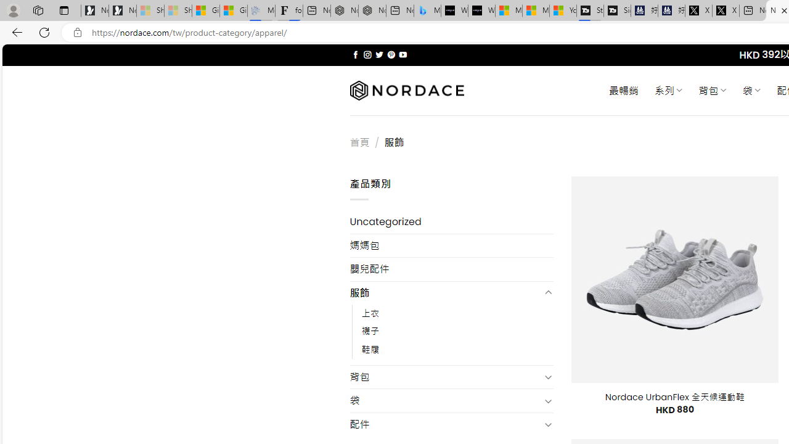  What do you see at coordinates (403, 54) in the screenshot?
I see `'Follow on YouTube'` at bounding box center [403, 54].